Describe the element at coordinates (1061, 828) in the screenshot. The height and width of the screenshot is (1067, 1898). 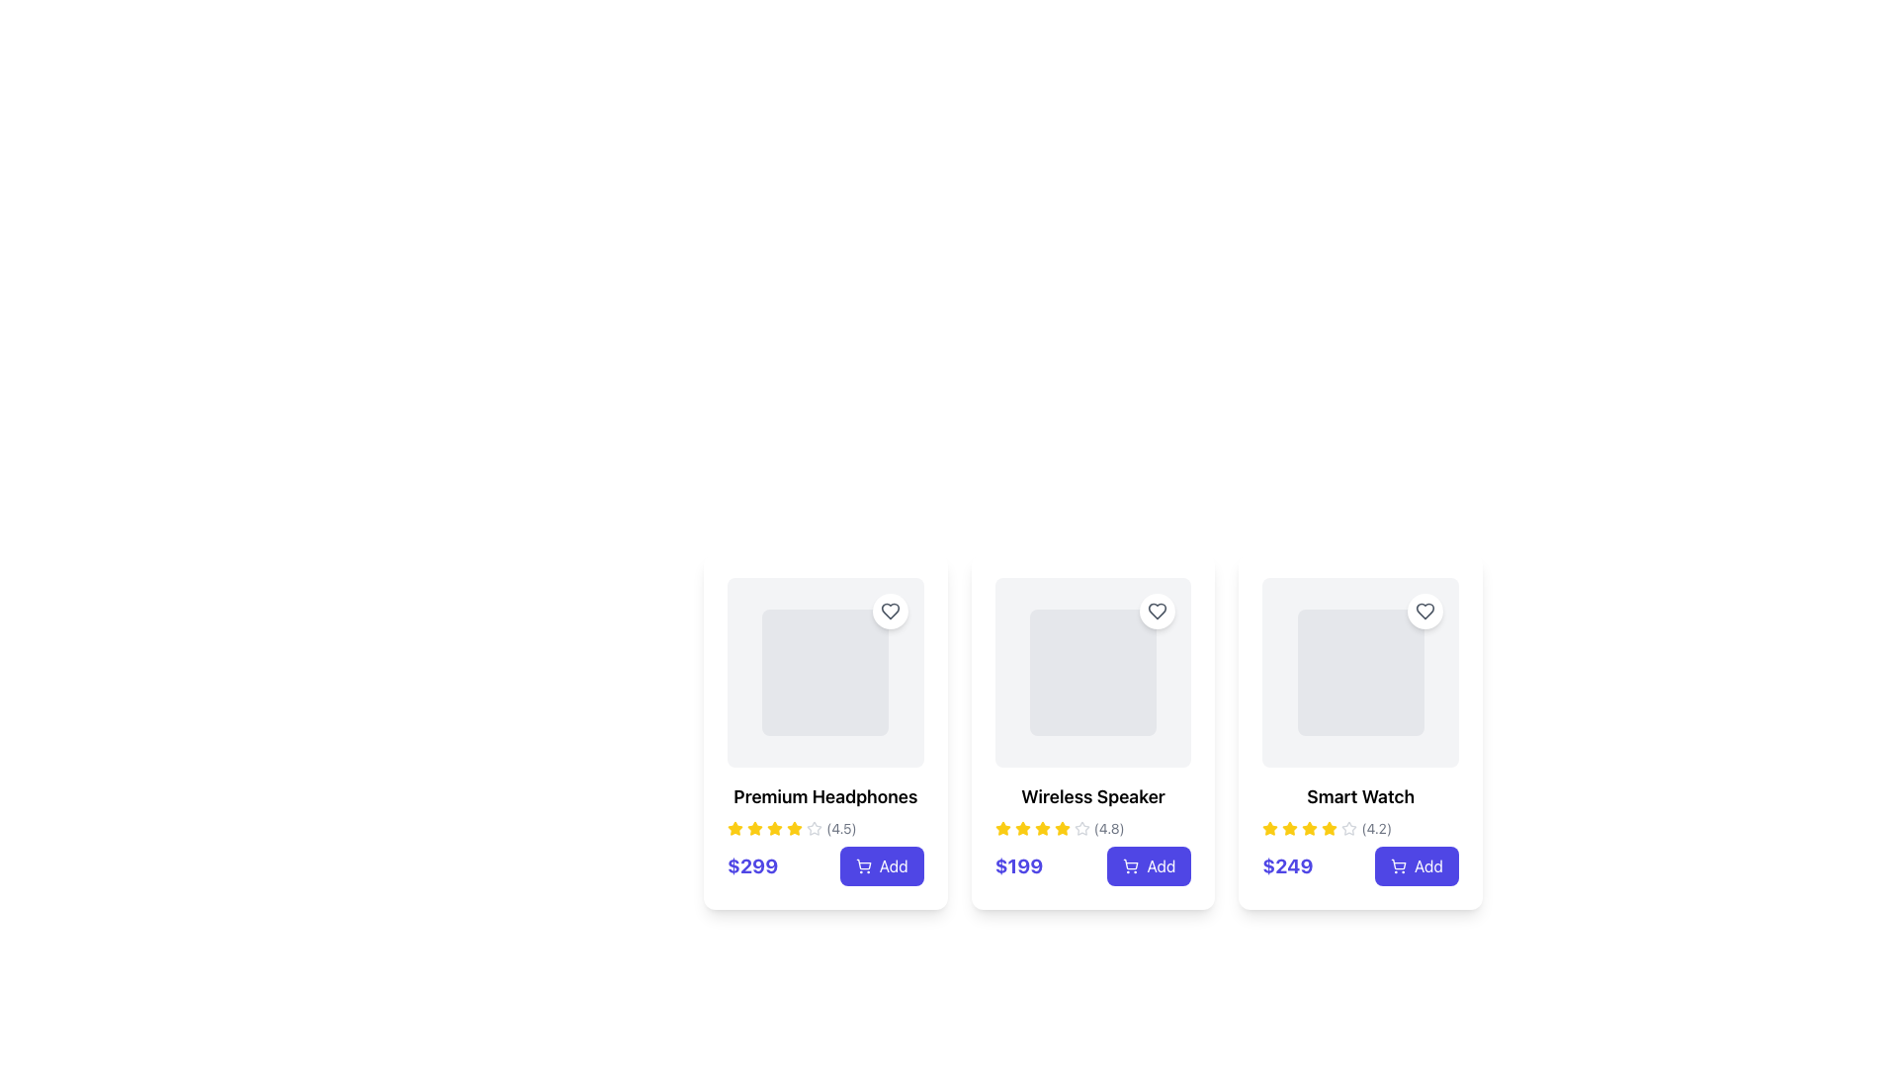
I see `the fifth star icon representing the rating for the 'Wireless Speaker' product, which is part of a graphical indicator of user ratings` at that location.